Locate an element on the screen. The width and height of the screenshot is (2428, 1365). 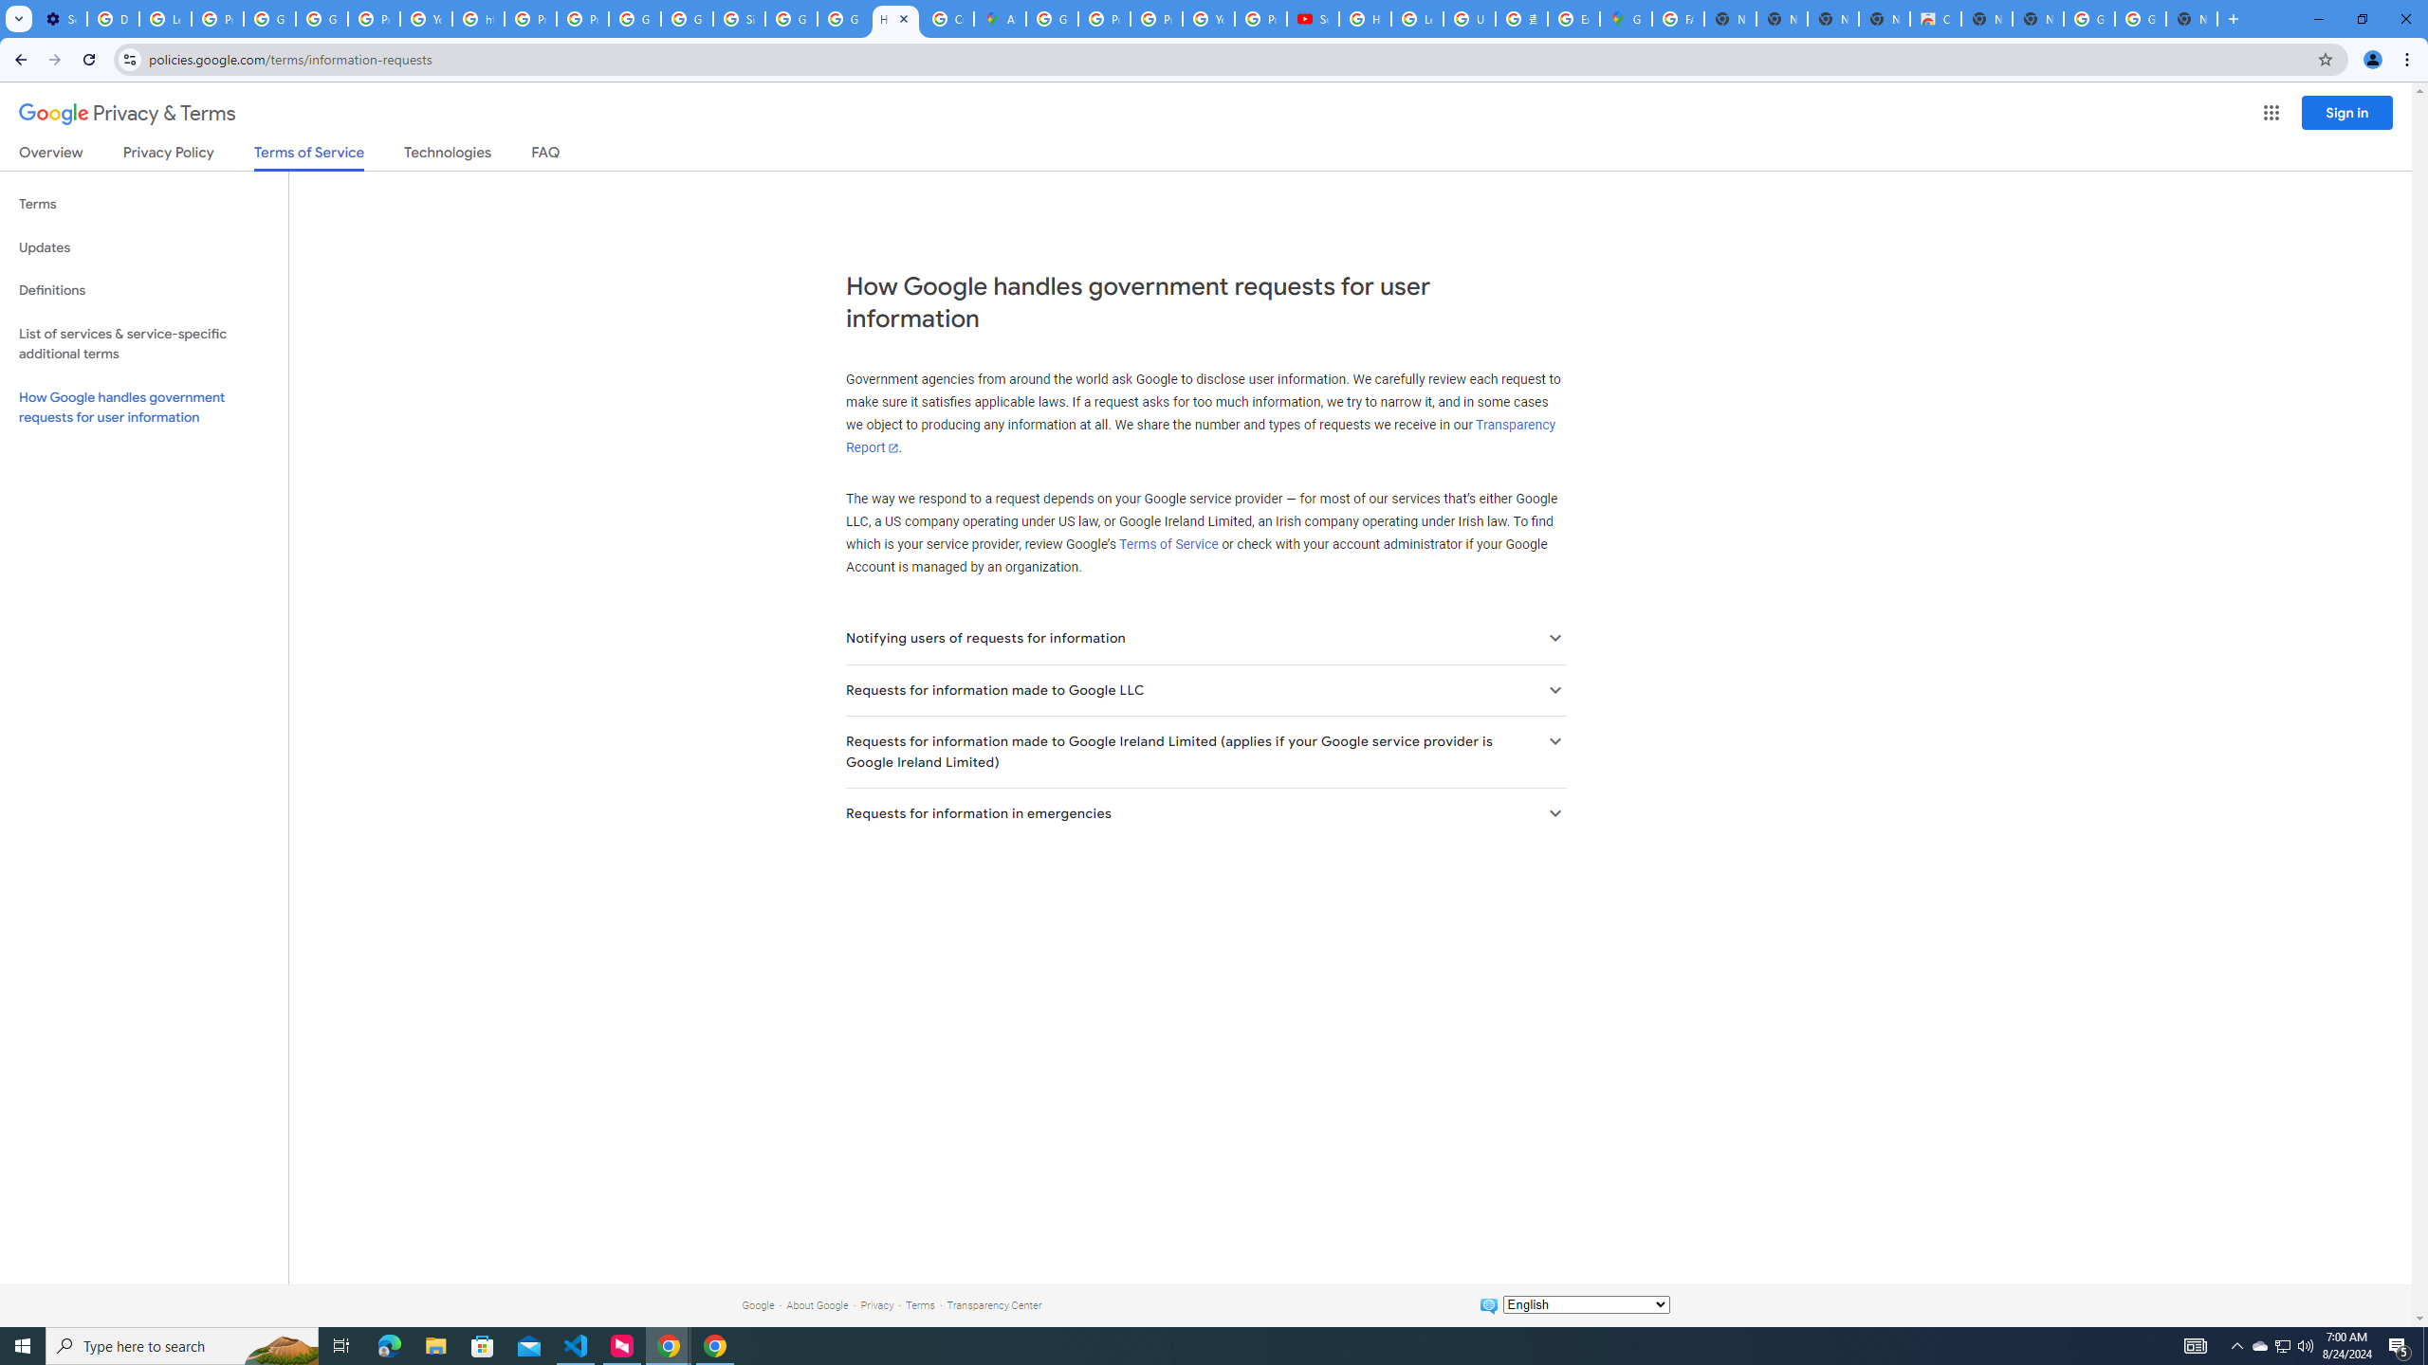
'Delete photos & videos - Computer - Google Photos Help' is located at coordinates (112, 18).